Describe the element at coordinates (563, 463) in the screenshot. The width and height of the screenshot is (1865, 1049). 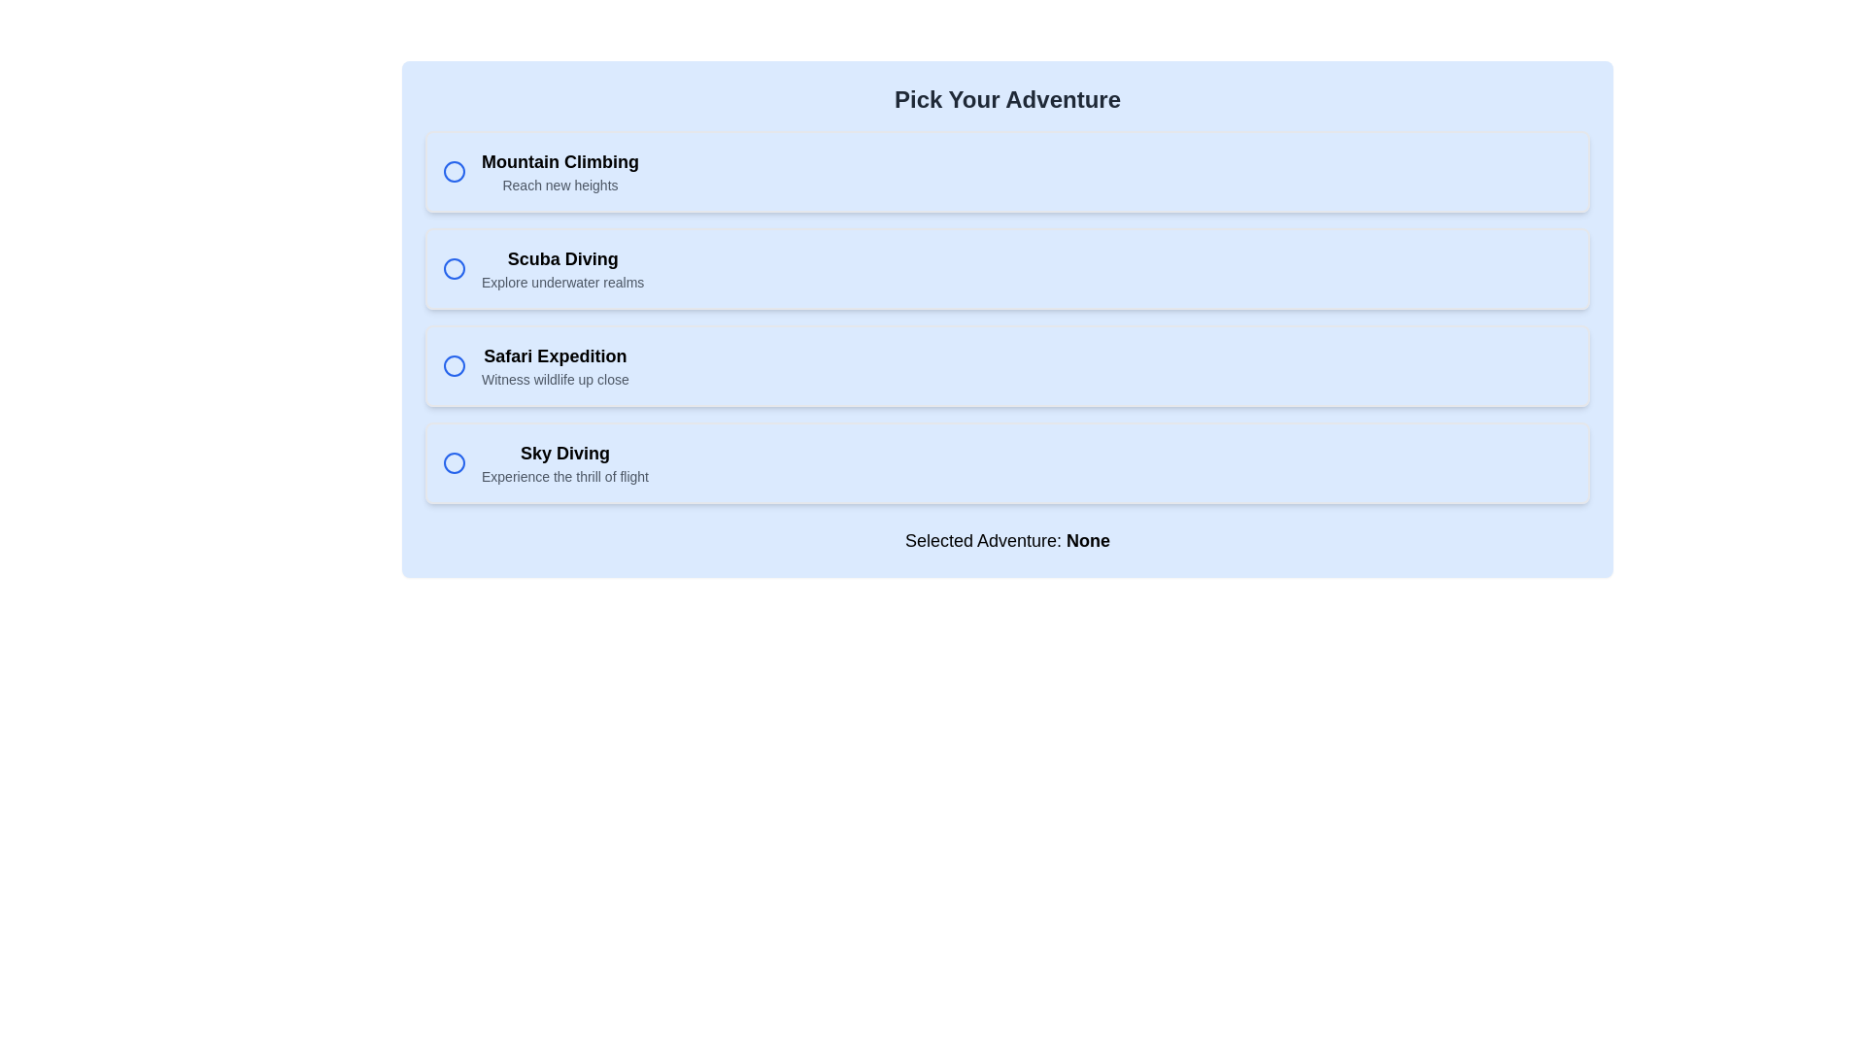
I see `text block that displays 'Sky Diving' in bold and 'Experience the thrill of flight' in gray, located at the bottom of the 'Pick Your Adventure' options` at that location.